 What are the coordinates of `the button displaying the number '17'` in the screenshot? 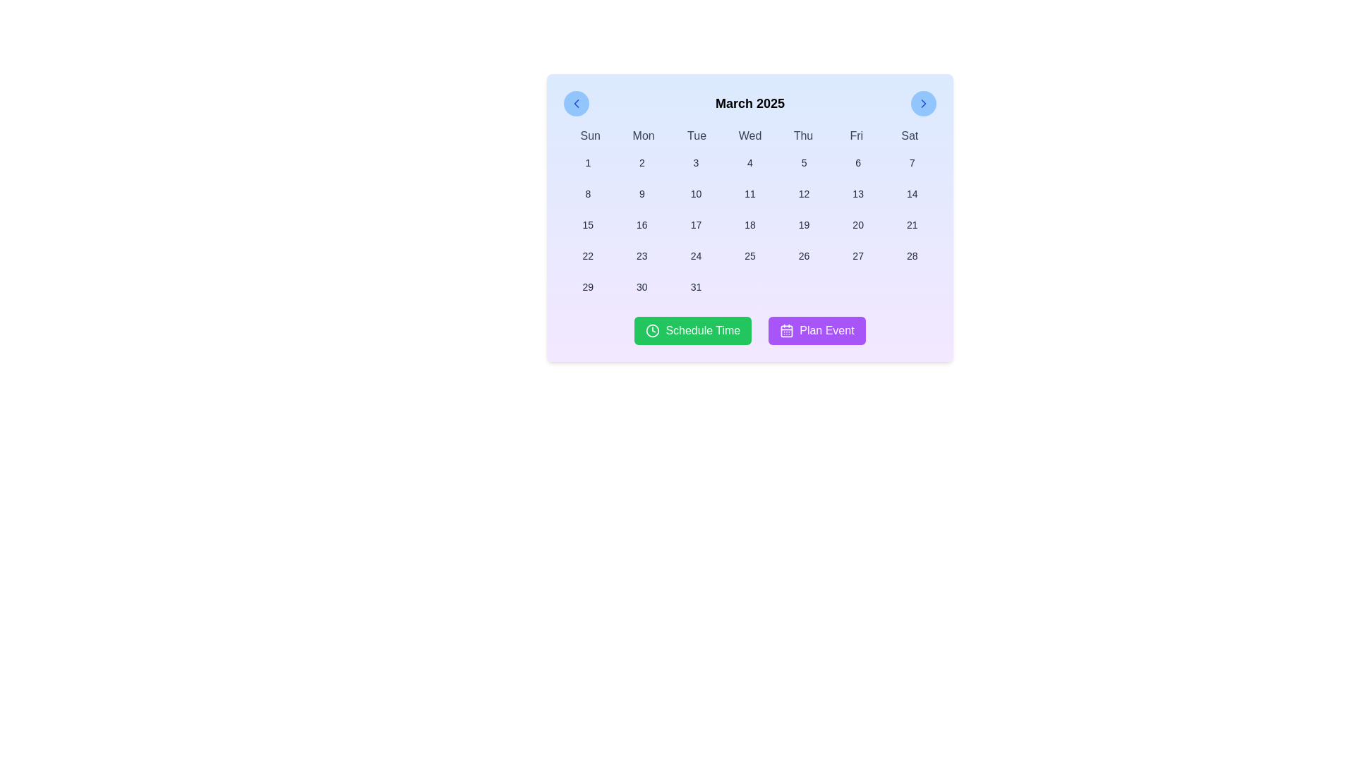 It's located at (696, 224).